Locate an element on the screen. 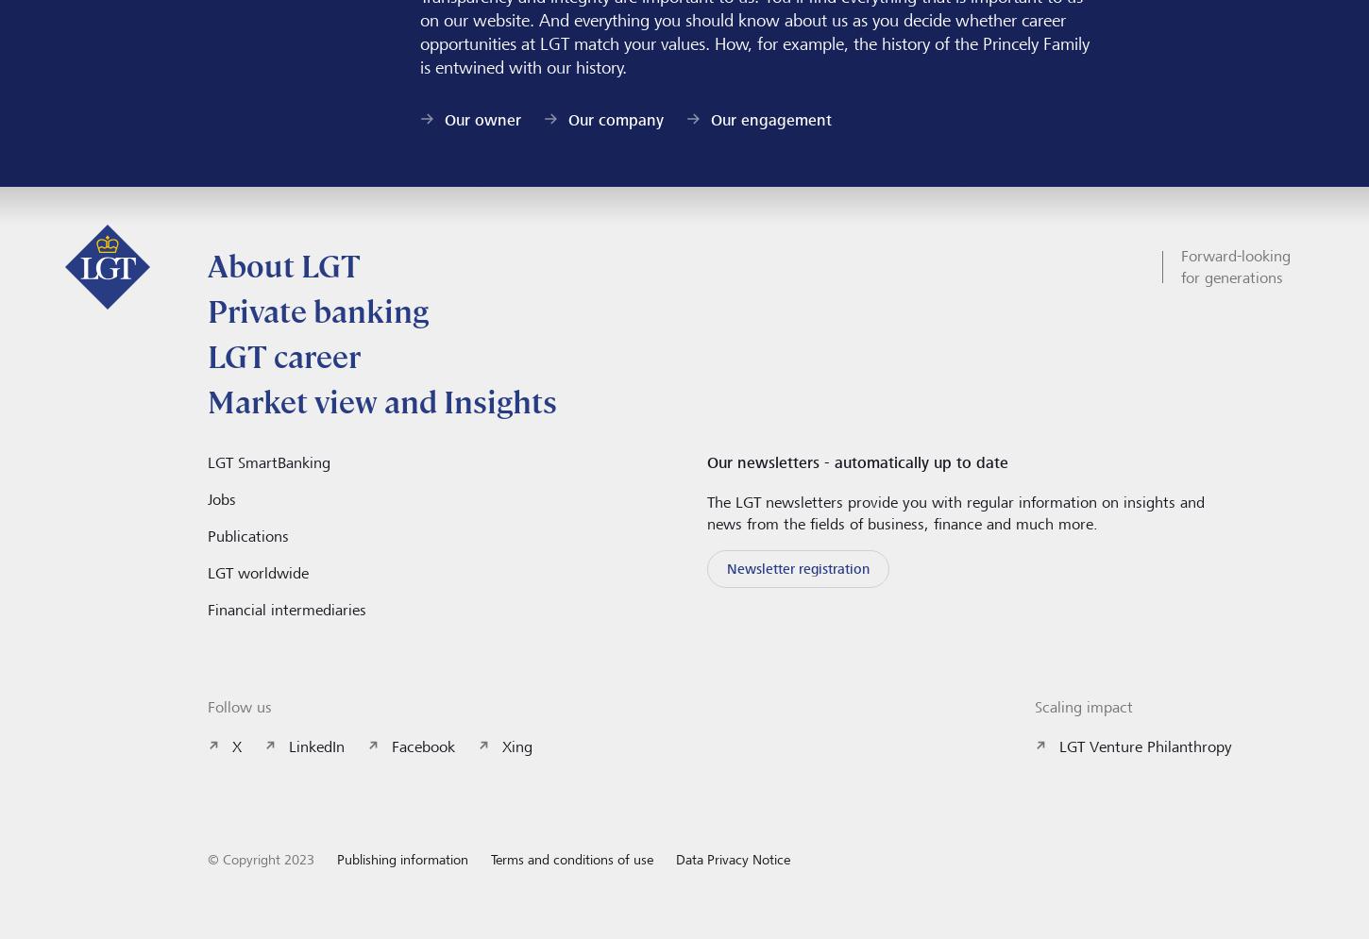 The width and height of the screenshot is (1369, 939). 'Our engagement' is located at coordinates (710, 117).